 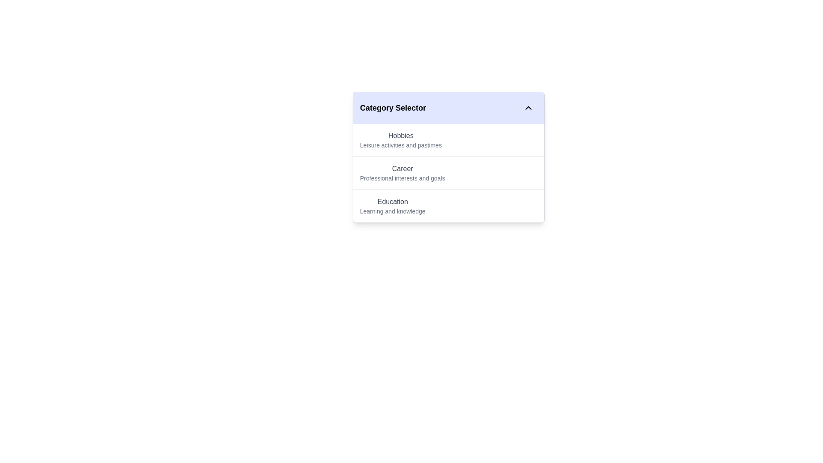 What do you see at coordinates (400, 145) in the screenshot?
I see `the text label reading 'Leisure activities and pastimes', which is styled in a small gray font and positioned directly below the 'Hobbies' title` at bounding box center [400, 145].